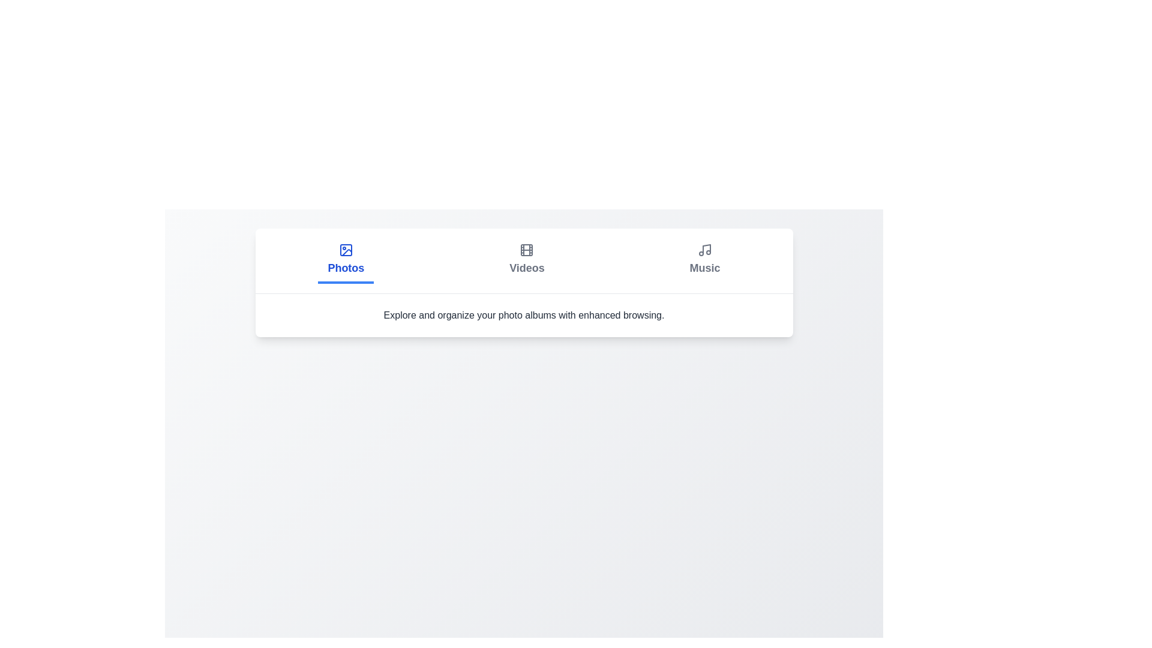 This screenshot has width=1152, height=648. I want to click on the Photos tab to trigger its hover effect, so click(345, 260).